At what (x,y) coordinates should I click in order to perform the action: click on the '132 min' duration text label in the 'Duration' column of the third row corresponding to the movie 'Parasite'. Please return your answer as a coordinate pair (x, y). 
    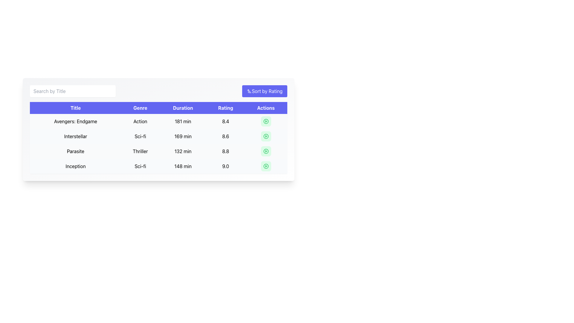
    Looking at the image, I should click on (183, 151).